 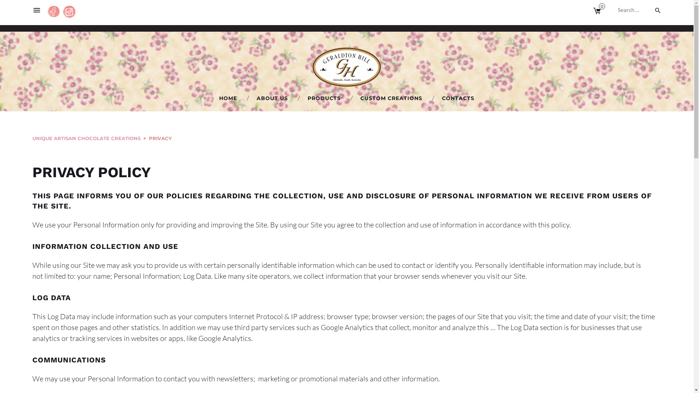 I want to click on 'PRODUCTS', so click(x=324, y=98).